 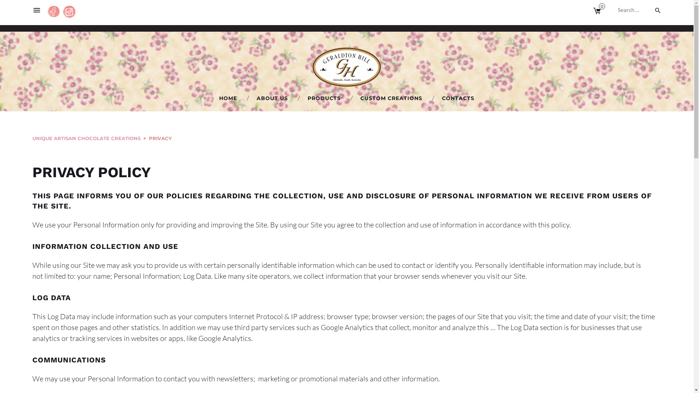 I want to click on 'PRODUCTS', so click(x=324, y=98).